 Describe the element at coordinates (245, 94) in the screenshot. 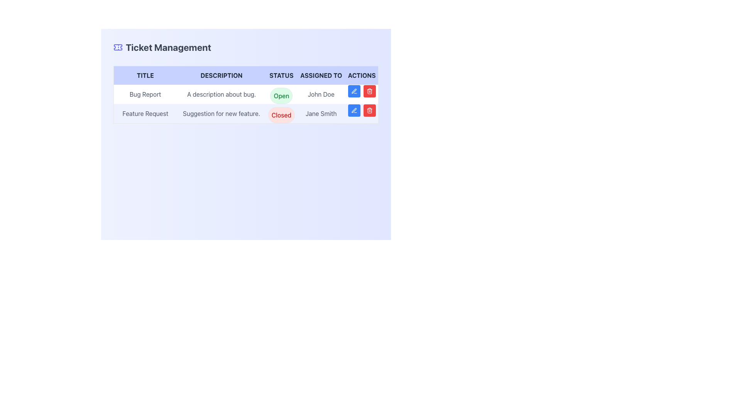

I see `the ticket management table` at that location.